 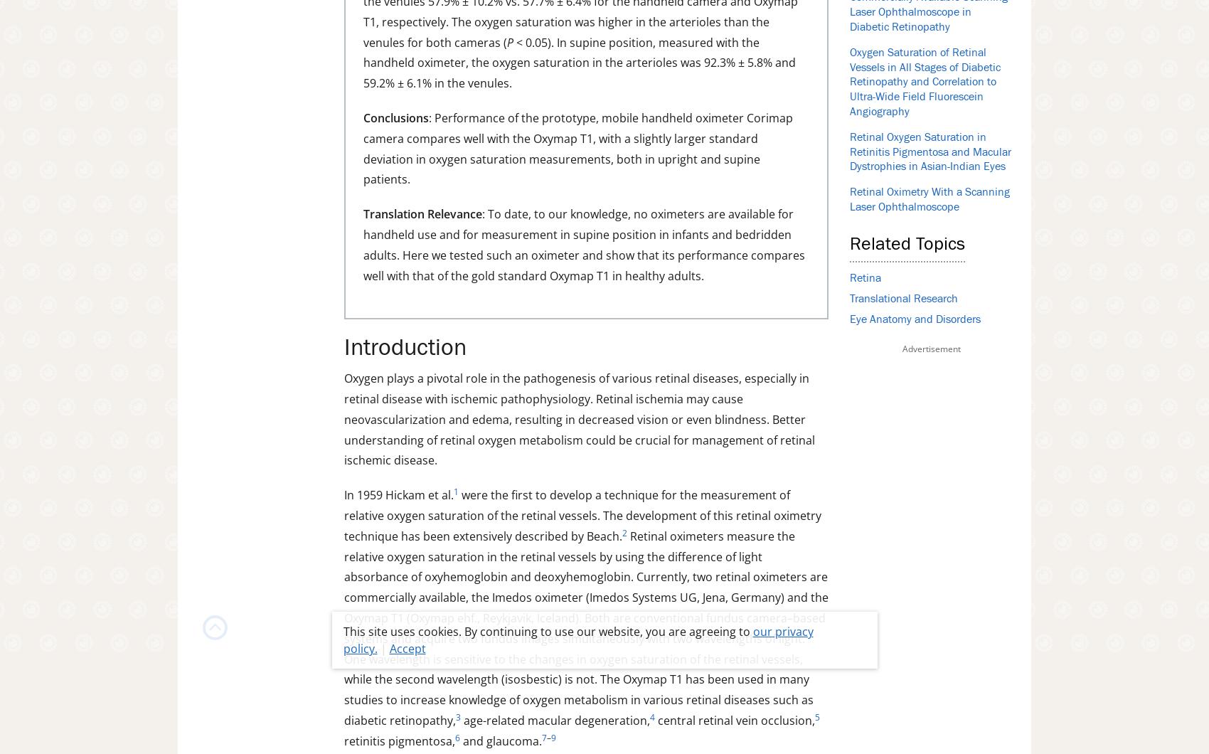 What do you see at coordinates (907, 244) in the screenshot?
I see `'Related Topics'` at bounding box center [907, 244].